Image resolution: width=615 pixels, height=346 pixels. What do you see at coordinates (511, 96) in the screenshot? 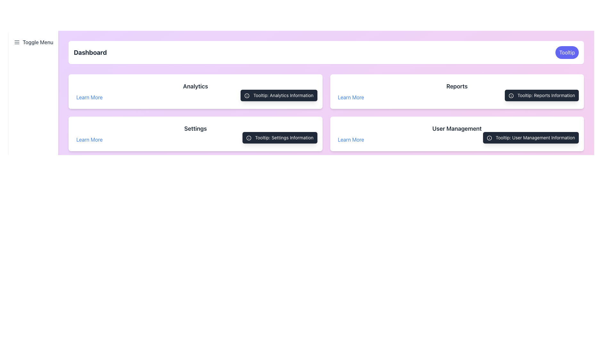
I see `the SVG Circle - Icon Component representing the information icon indicating additional details` at bounding box center [511, 96].